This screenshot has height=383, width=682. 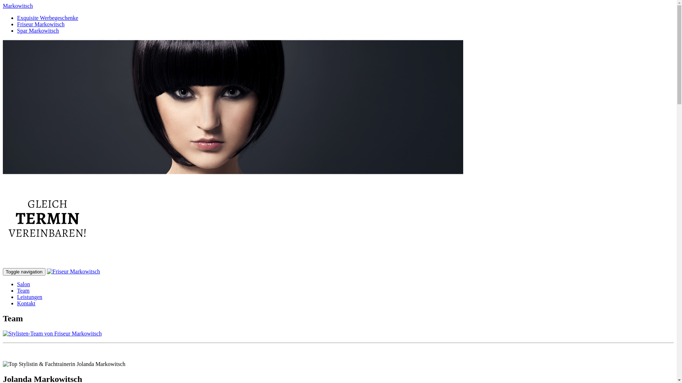 What do you see at coordinates (47, 271) in the screenshot?
I see `'Friseur Markowitsch'` at bounding box center [47, 271].